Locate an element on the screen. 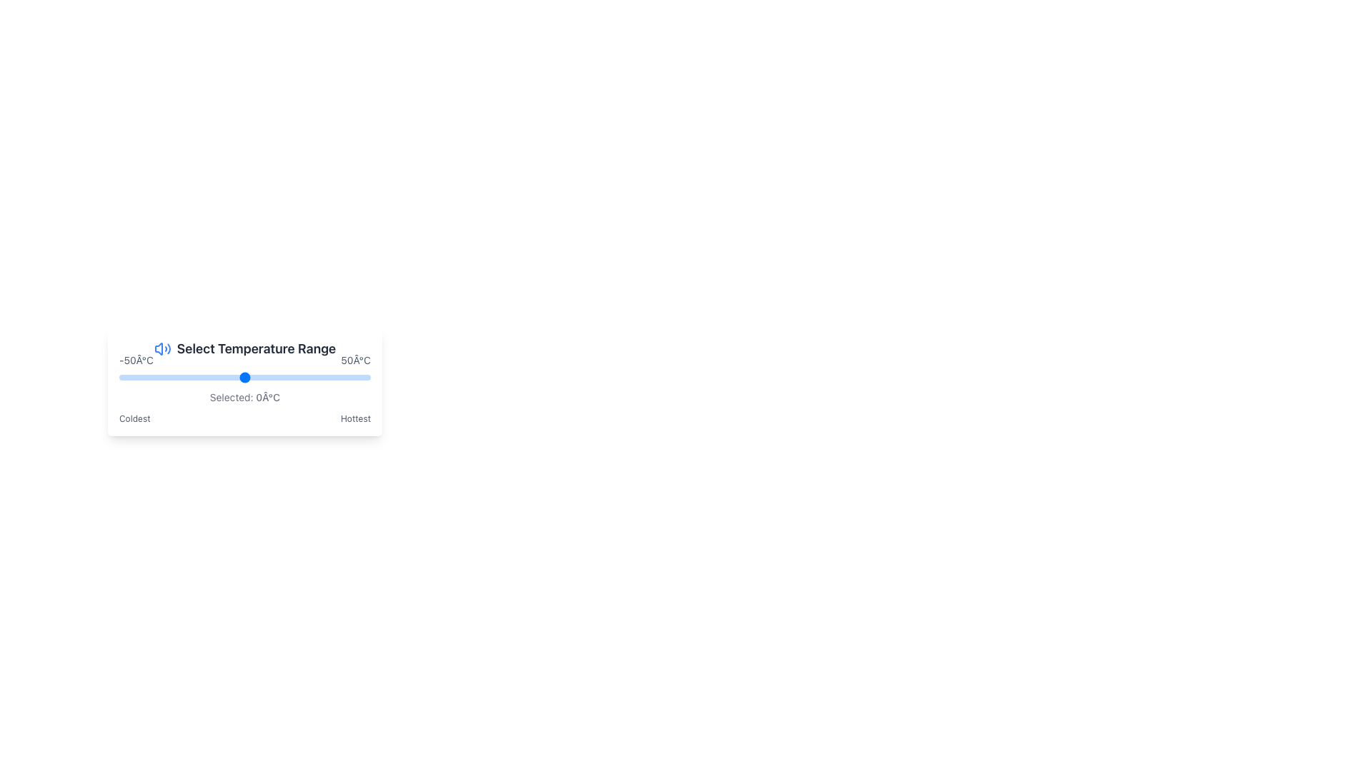 This screenshot has height=771, width=1372. the temperature is located at coordinates (332, 376).